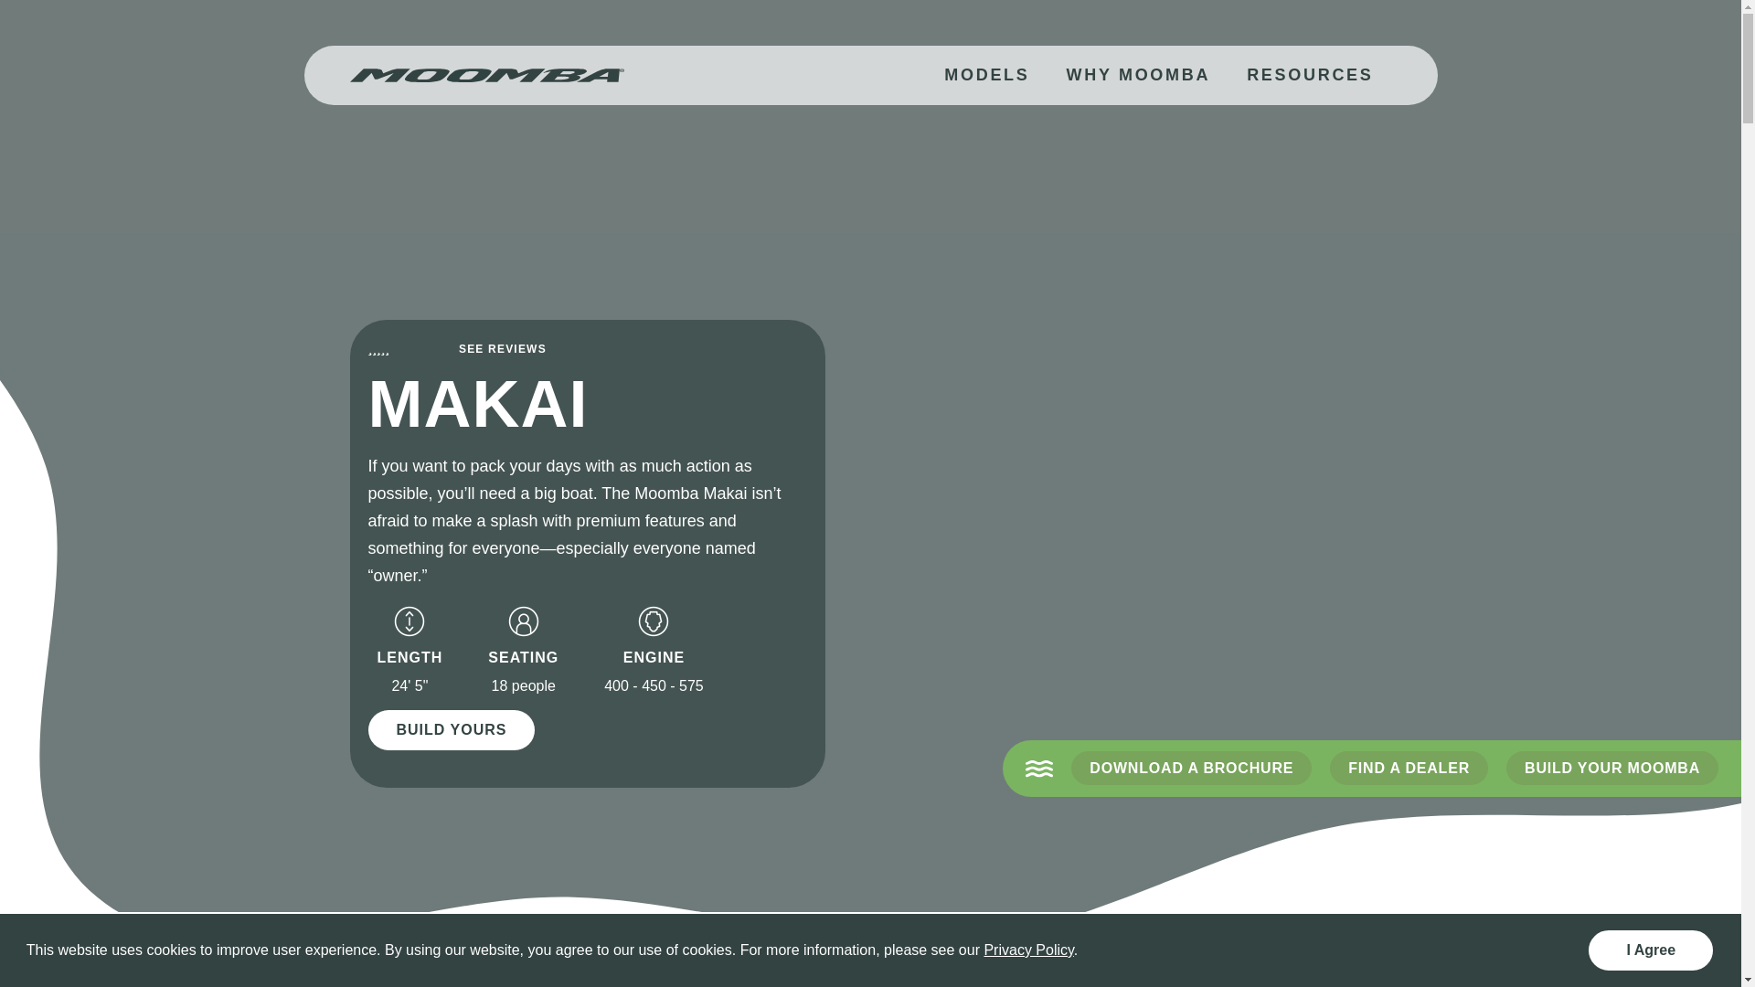  What do you see at coordinates (367, 728) in the screenshot?
I see `'BUILD YOURS'` at bounding box center [367, 728].